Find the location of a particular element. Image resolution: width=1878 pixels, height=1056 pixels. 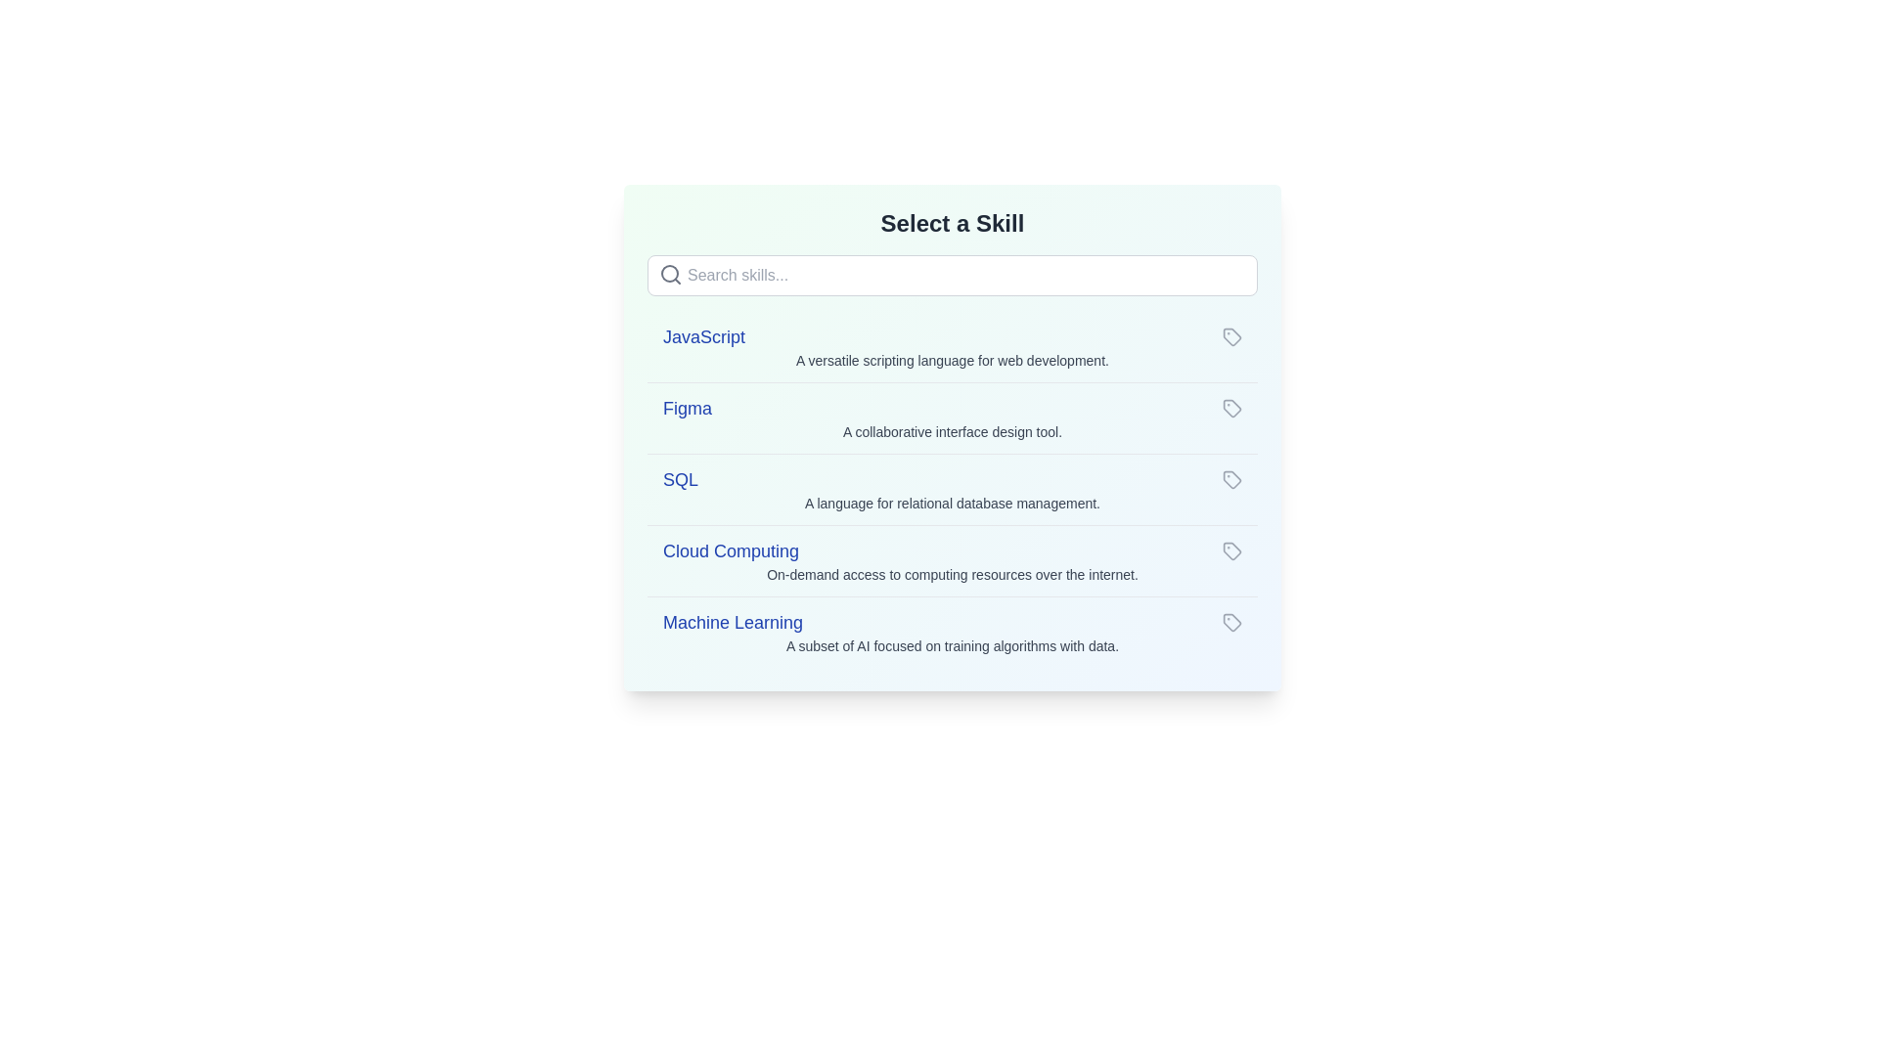

the fourth list item that displays information about 'Cloud Computing', positioned between 'SQL' and 'Machine Learning' is located at coordinates (953, 560).